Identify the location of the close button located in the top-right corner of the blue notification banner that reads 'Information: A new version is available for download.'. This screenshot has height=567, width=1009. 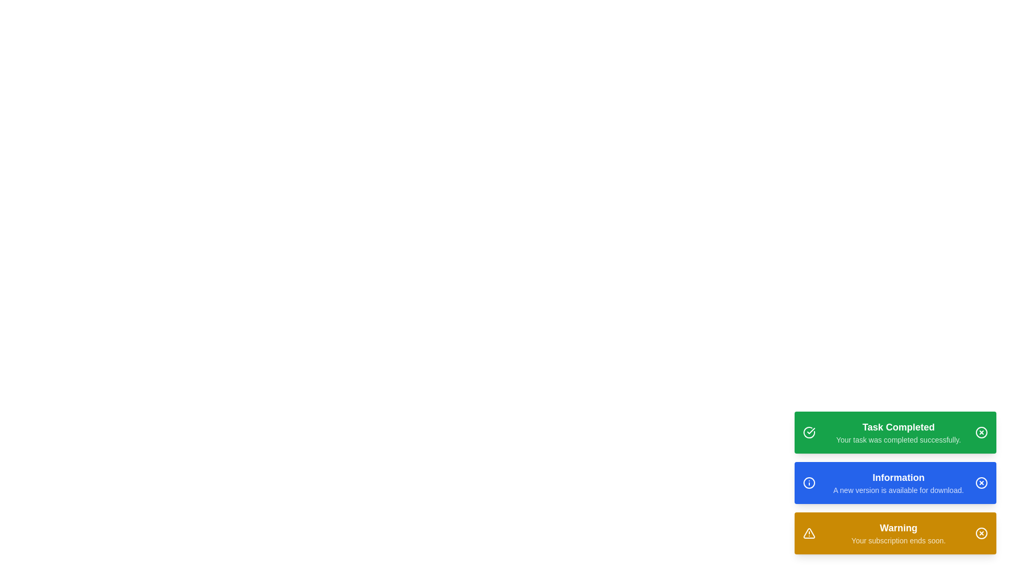
(981, 483).